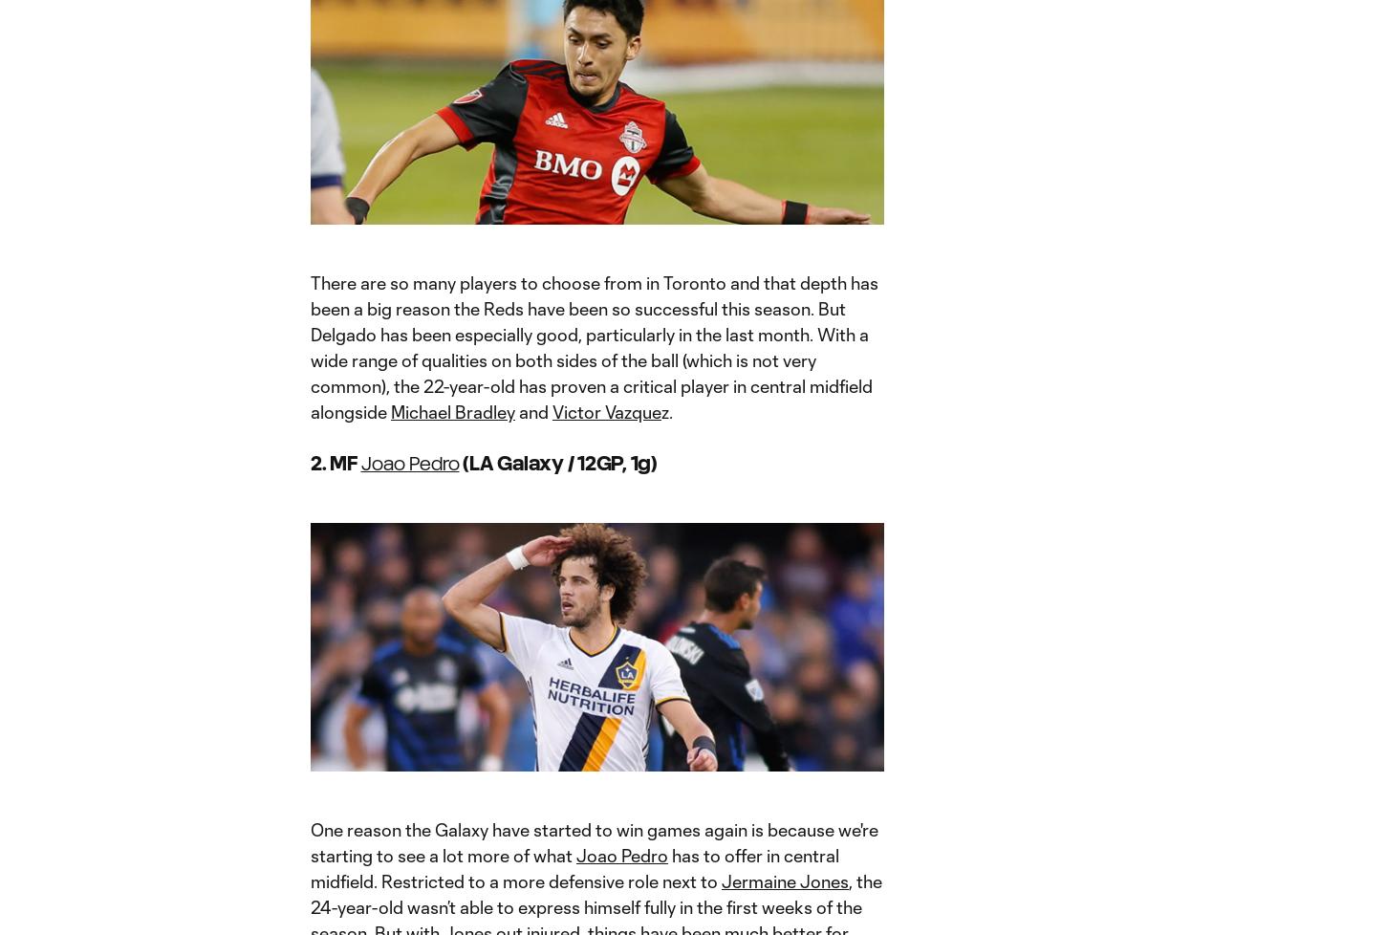  Describe the element at coordinates (785, 879) in the screenshot. I see `'Jermaine Jones'` at that location.